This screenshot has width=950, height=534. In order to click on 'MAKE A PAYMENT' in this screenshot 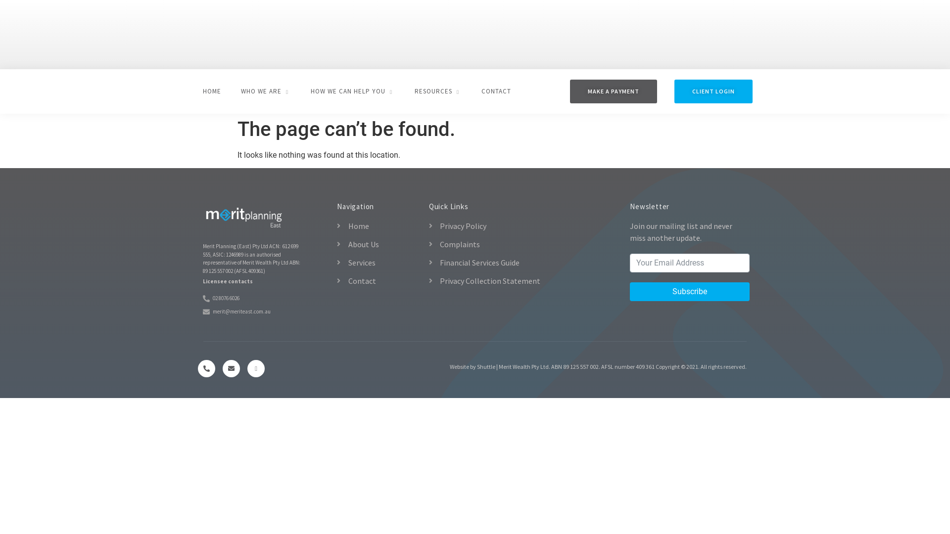, I will do `click(570, 91)`.